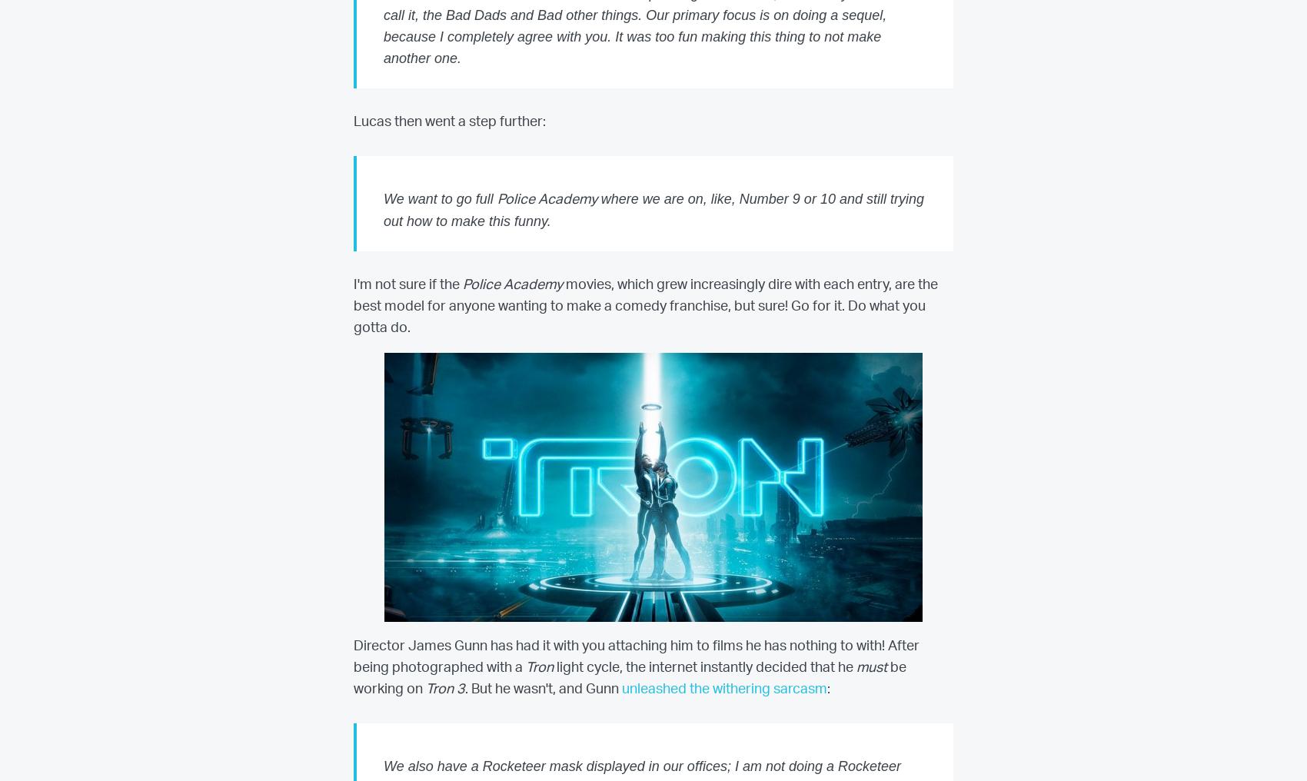  What do you see at coordinates (439, 198) in the screenshot?
I see `'We want to go full'` at bounding box center [439, 198].